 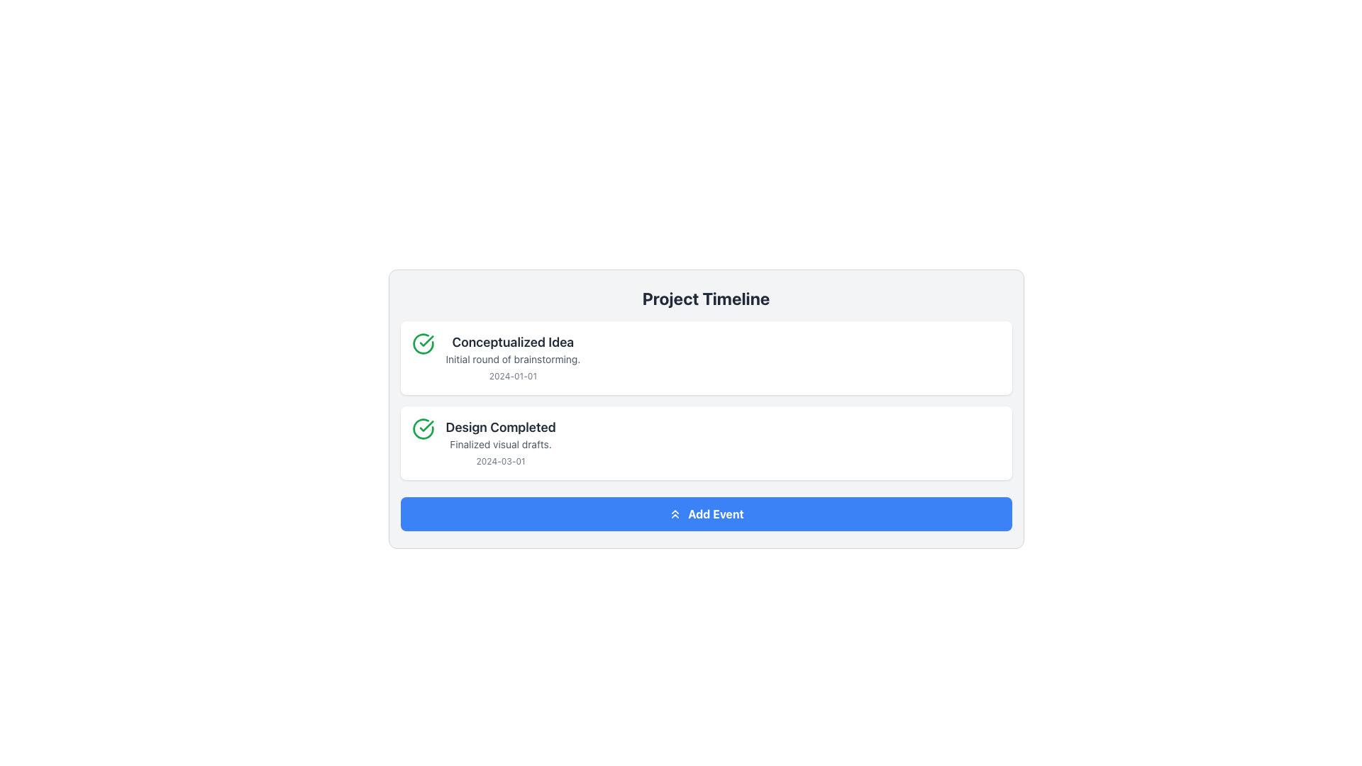 What do you see at coordinates (426, 341) in the screenshot?
I see `the green checkmark icon within its circular outline, which indicates completed steps, located to the left of 'Design Completed'` at bounding box center [426, 341].